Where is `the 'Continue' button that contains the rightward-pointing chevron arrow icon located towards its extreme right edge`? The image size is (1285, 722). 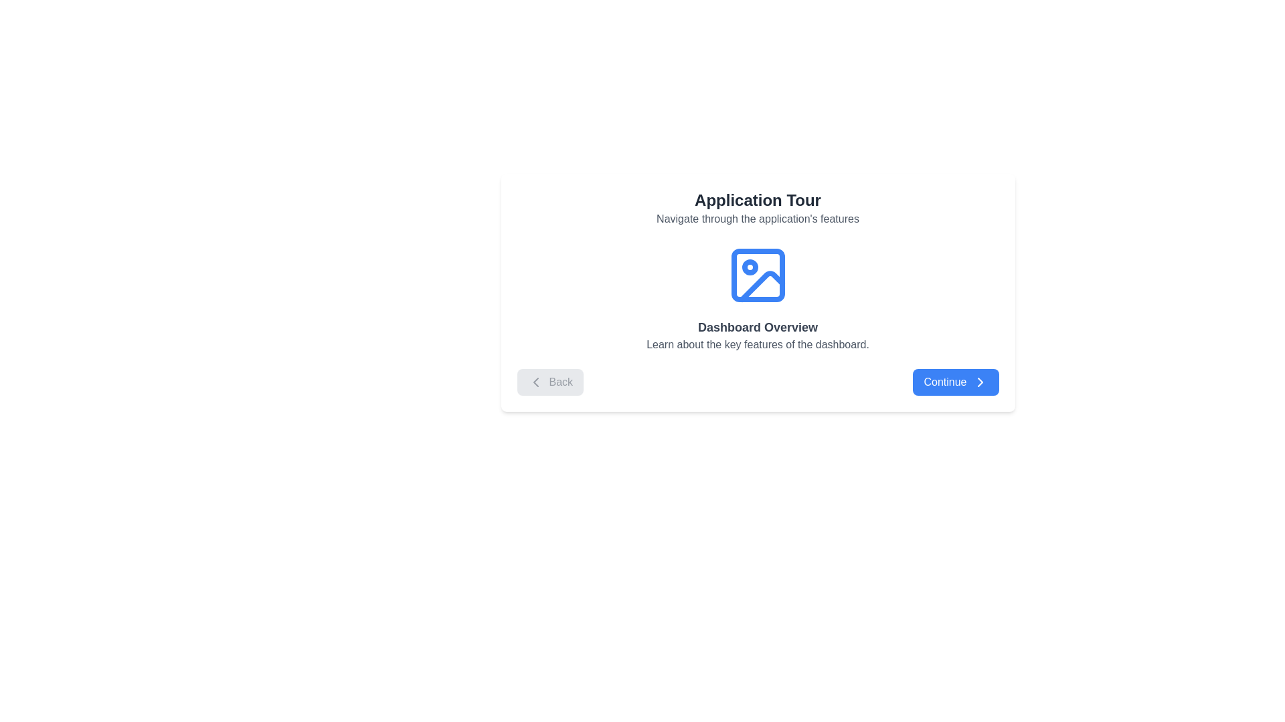
the 'Continue' button that contains the rightward-pointing chevron arrow icon located towards its extreme right edge is located at coordinates (980, 382).